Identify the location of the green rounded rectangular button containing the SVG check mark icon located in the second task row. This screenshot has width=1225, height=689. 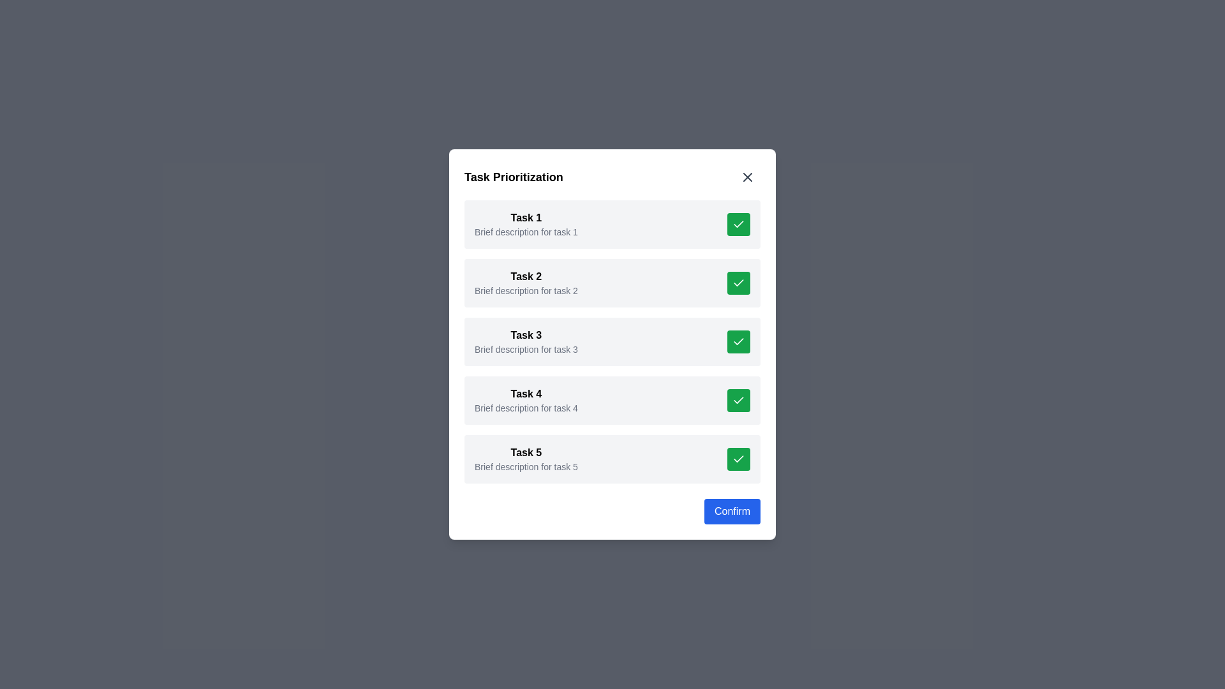
(738, 282).